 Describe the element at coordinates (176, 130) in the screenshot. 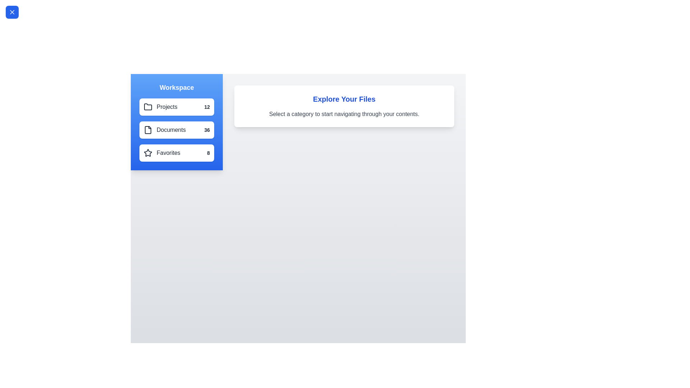

I see `the category Documents to observe its hover effects` at that location.